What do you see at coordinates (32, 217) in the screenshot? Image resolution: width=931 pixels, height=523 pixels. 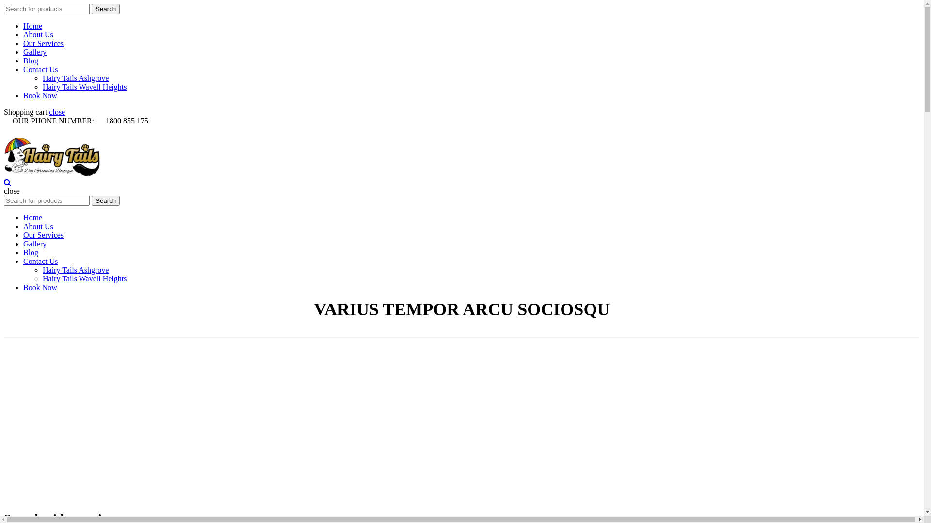 I see `'Home'` at bounding box center [32, 217].